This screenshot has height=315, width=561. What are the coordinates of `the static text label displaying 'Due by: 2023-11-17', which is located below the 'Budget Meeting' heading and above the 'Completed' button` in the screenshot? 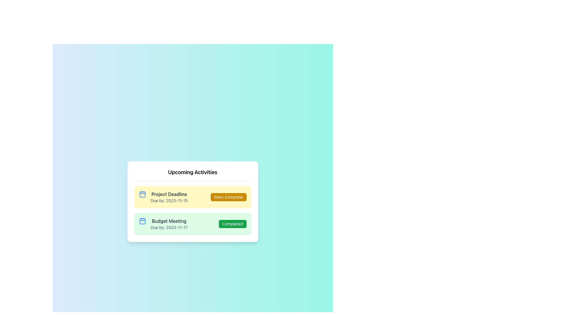 It's located at (169, 227).